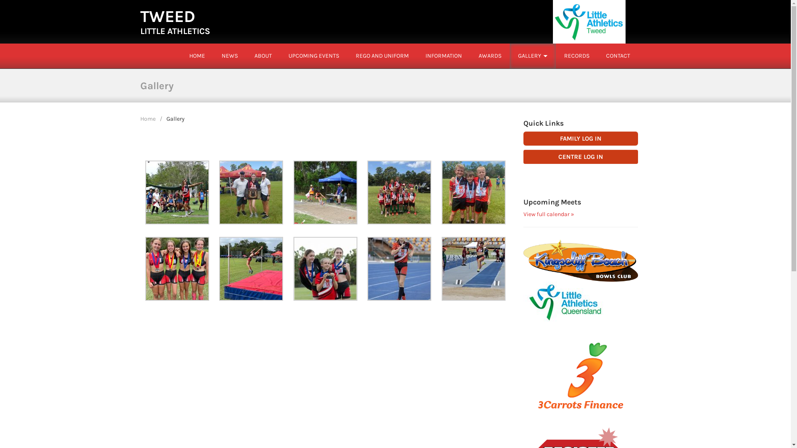 This screenshot has height=448, width=797. What do you see at coordinates (518, 56) in the screenshot?
I see `'GALLERY'` at bounding box center [518, 56].